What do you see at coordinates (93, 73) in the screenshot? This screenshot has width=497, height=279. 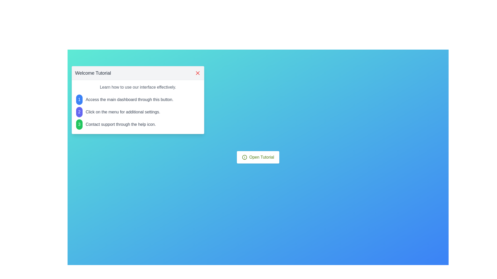 I see `the 'Welcome Tutorial' static text label located in the header bar, which is the first element from the left and displays a medium-sized gray font on a light gray background` at bounding box center [93, 73].